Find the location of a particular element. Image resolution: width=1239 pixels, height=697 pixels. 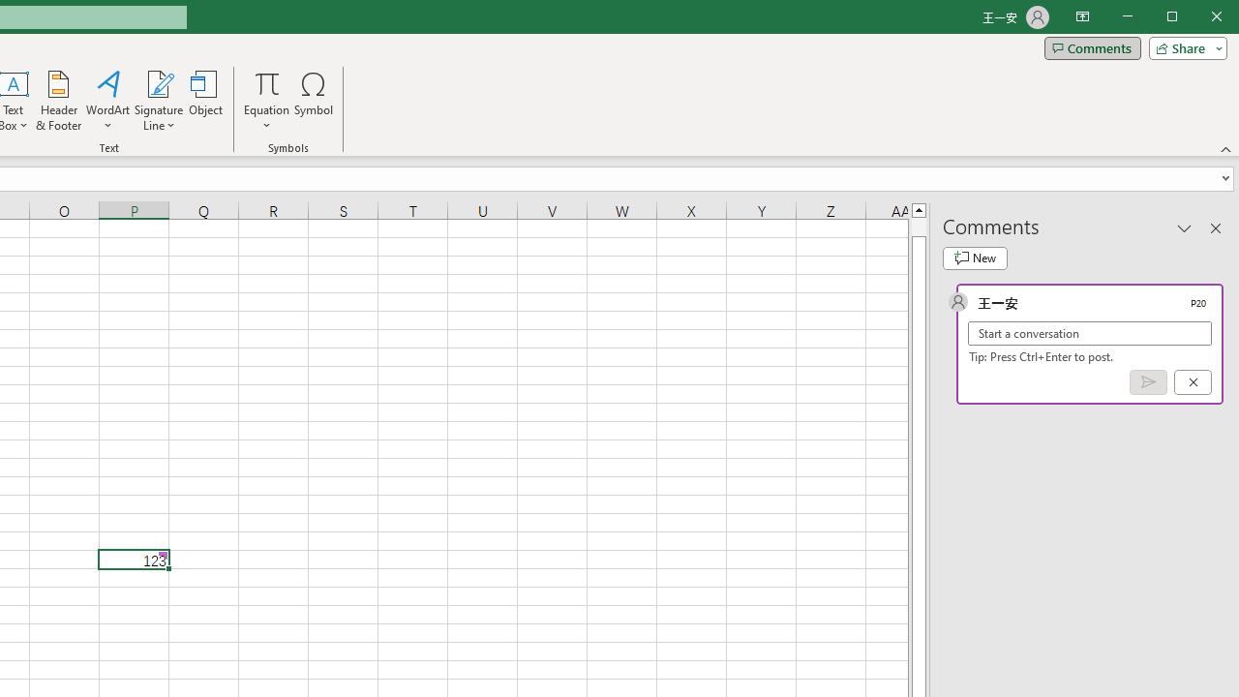

'Page up' is located at coordinates (918, 226).